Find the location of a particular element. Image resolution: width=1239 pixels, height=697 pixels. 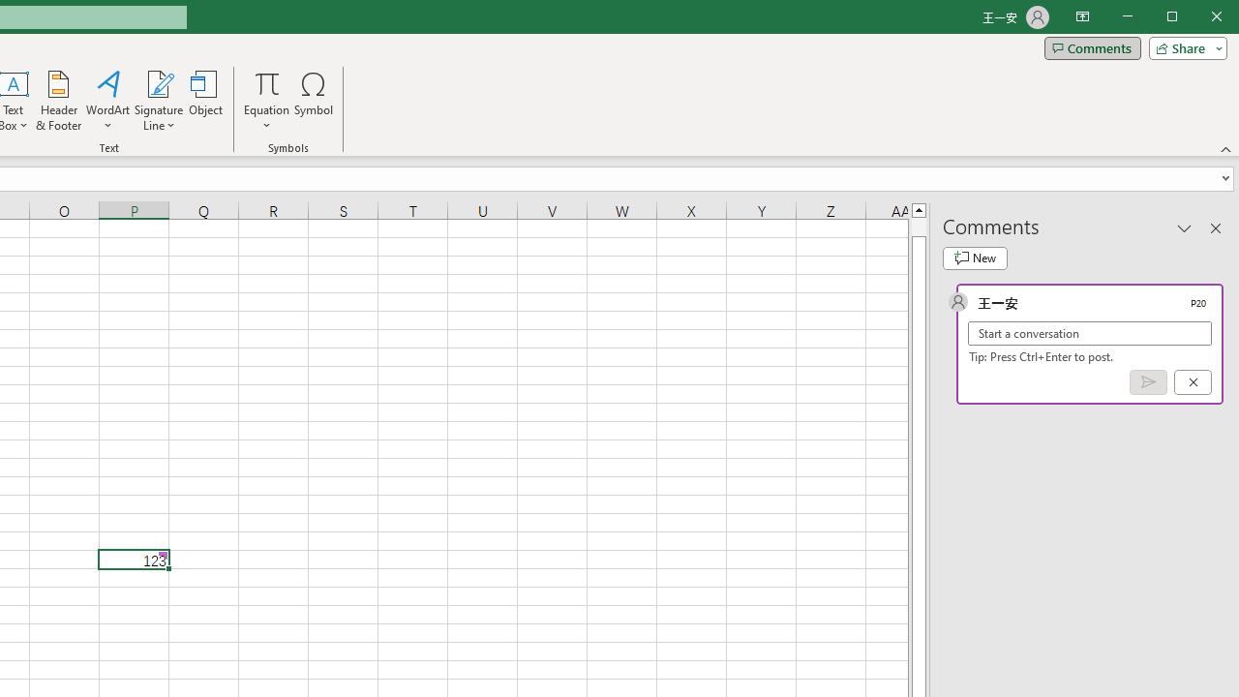

'Page up' is located at coordinates (918, 226).